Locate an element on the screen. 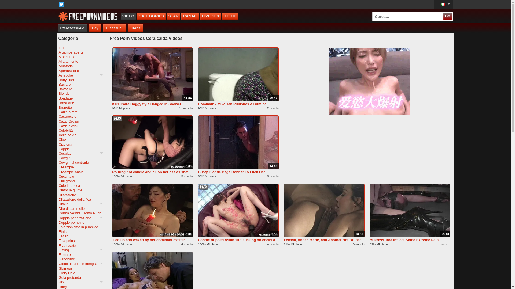  '14:09' is located at coordinates (238, 142).